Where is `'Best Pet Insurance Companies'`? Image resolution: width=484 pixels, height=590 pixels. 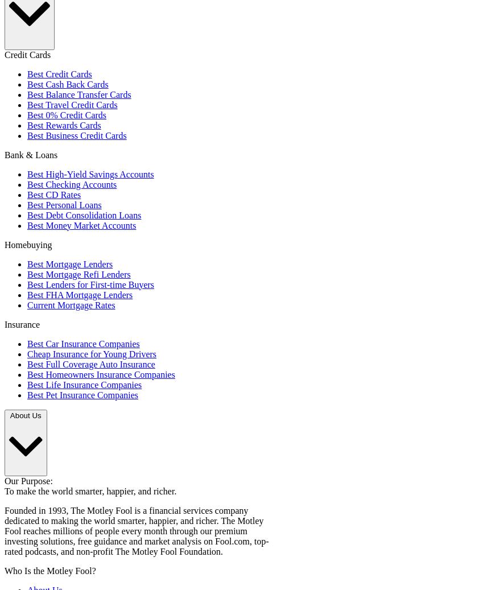
'Best Pet Insurance Companies' is located at coordinates (82, 394).